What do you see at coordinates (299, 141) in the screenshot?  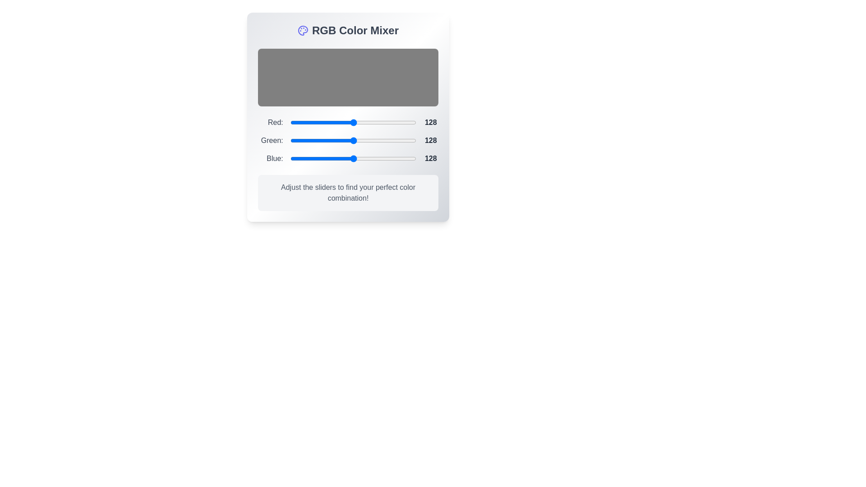 I see `the 1 slider to 19` at bounding box center [299, 141].